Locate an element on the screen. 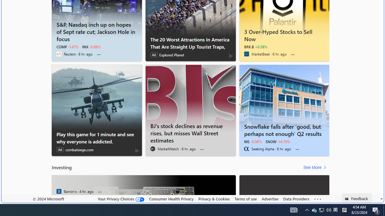 Image resolution: width=385 pixels, height=216 pixels. 'COMP -1.67%' is located at coordinates (68, 46).